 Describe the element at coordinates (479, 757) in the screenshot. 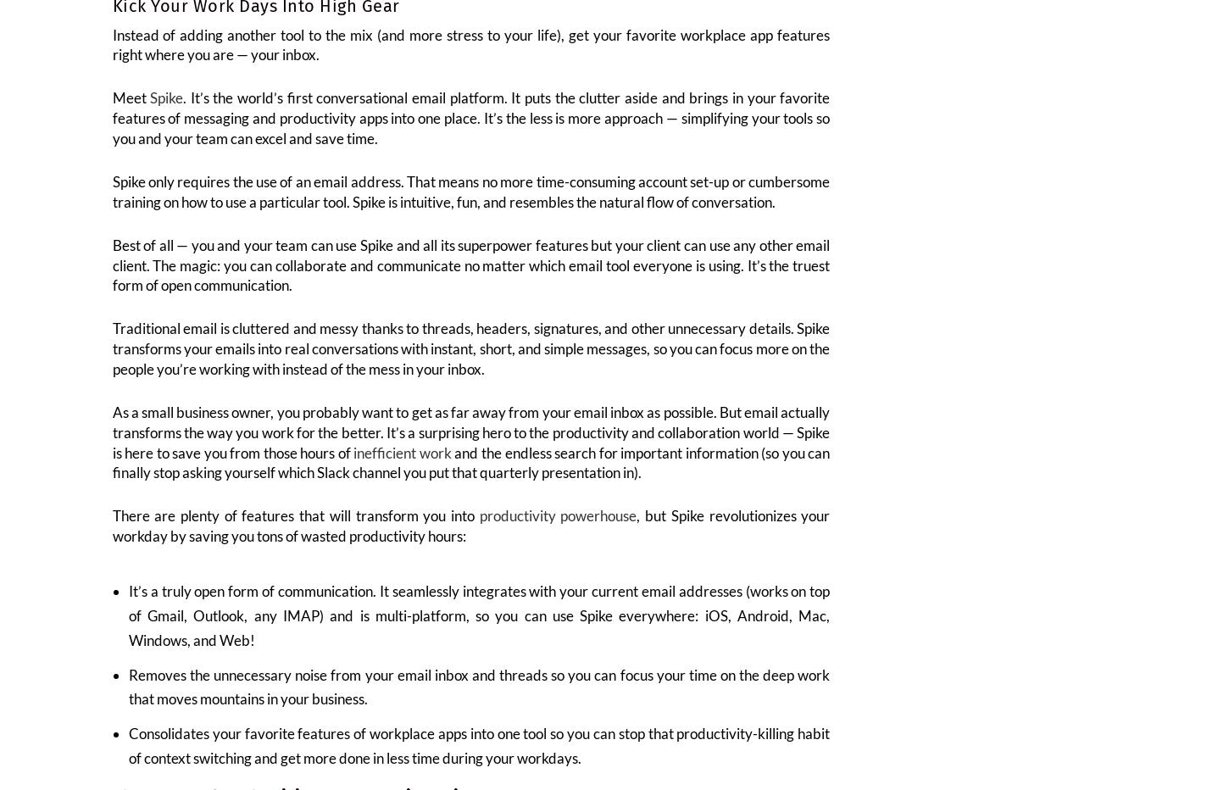

I see `'Consolidates your favorite features of workplace apps into one tool so you can stop that productivity-killing habit of context switching and get more done in less time during your workdays.'` at that location.